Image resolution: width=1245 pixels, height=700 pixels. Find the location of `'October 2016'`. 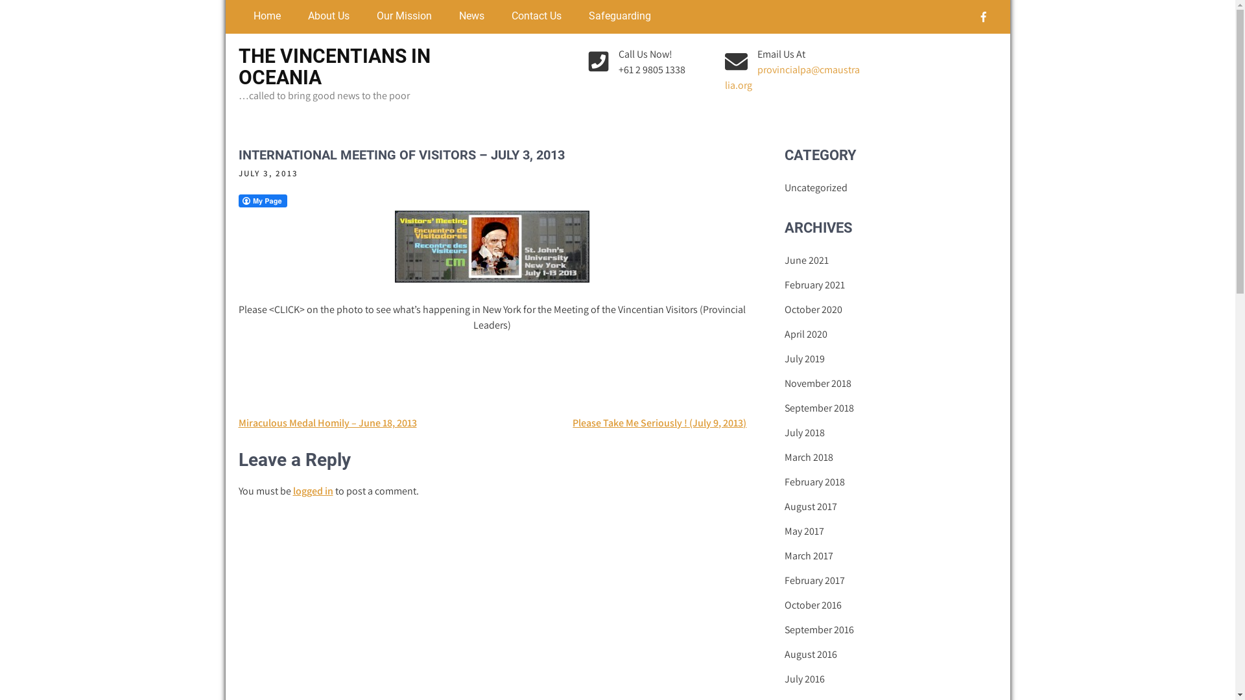

'October 2016' is located at coordinates (812, 605).